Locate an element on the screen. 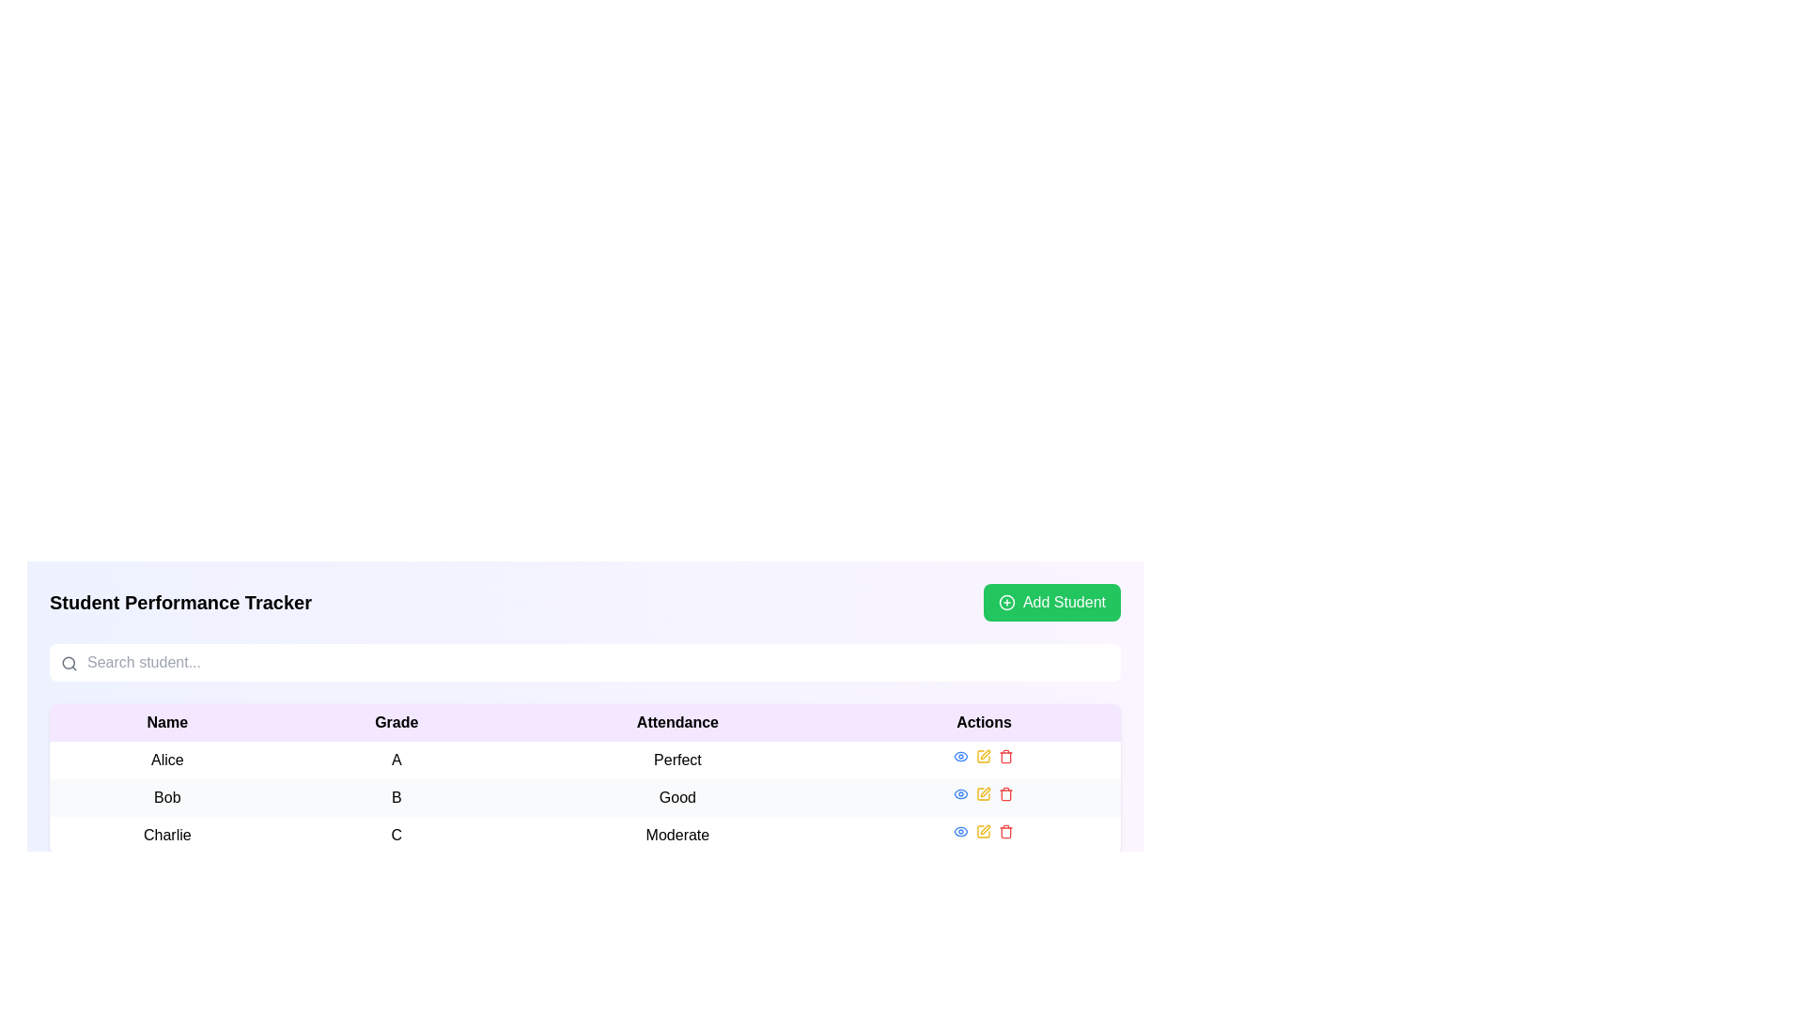  the delete button located in the last column of the actions for the first student row, to the right of the yellow pencil icon is located at coordinates (1005, 756).